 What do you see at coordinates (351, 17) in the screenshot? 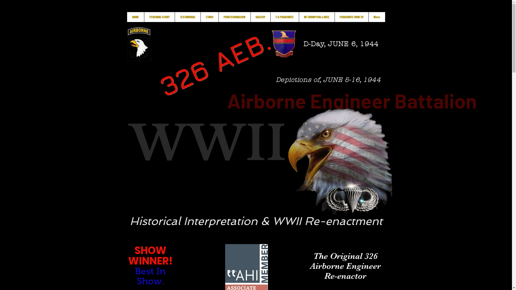
I see `'PARACHUTE HOW TO'` at bounding box center [351, 17].